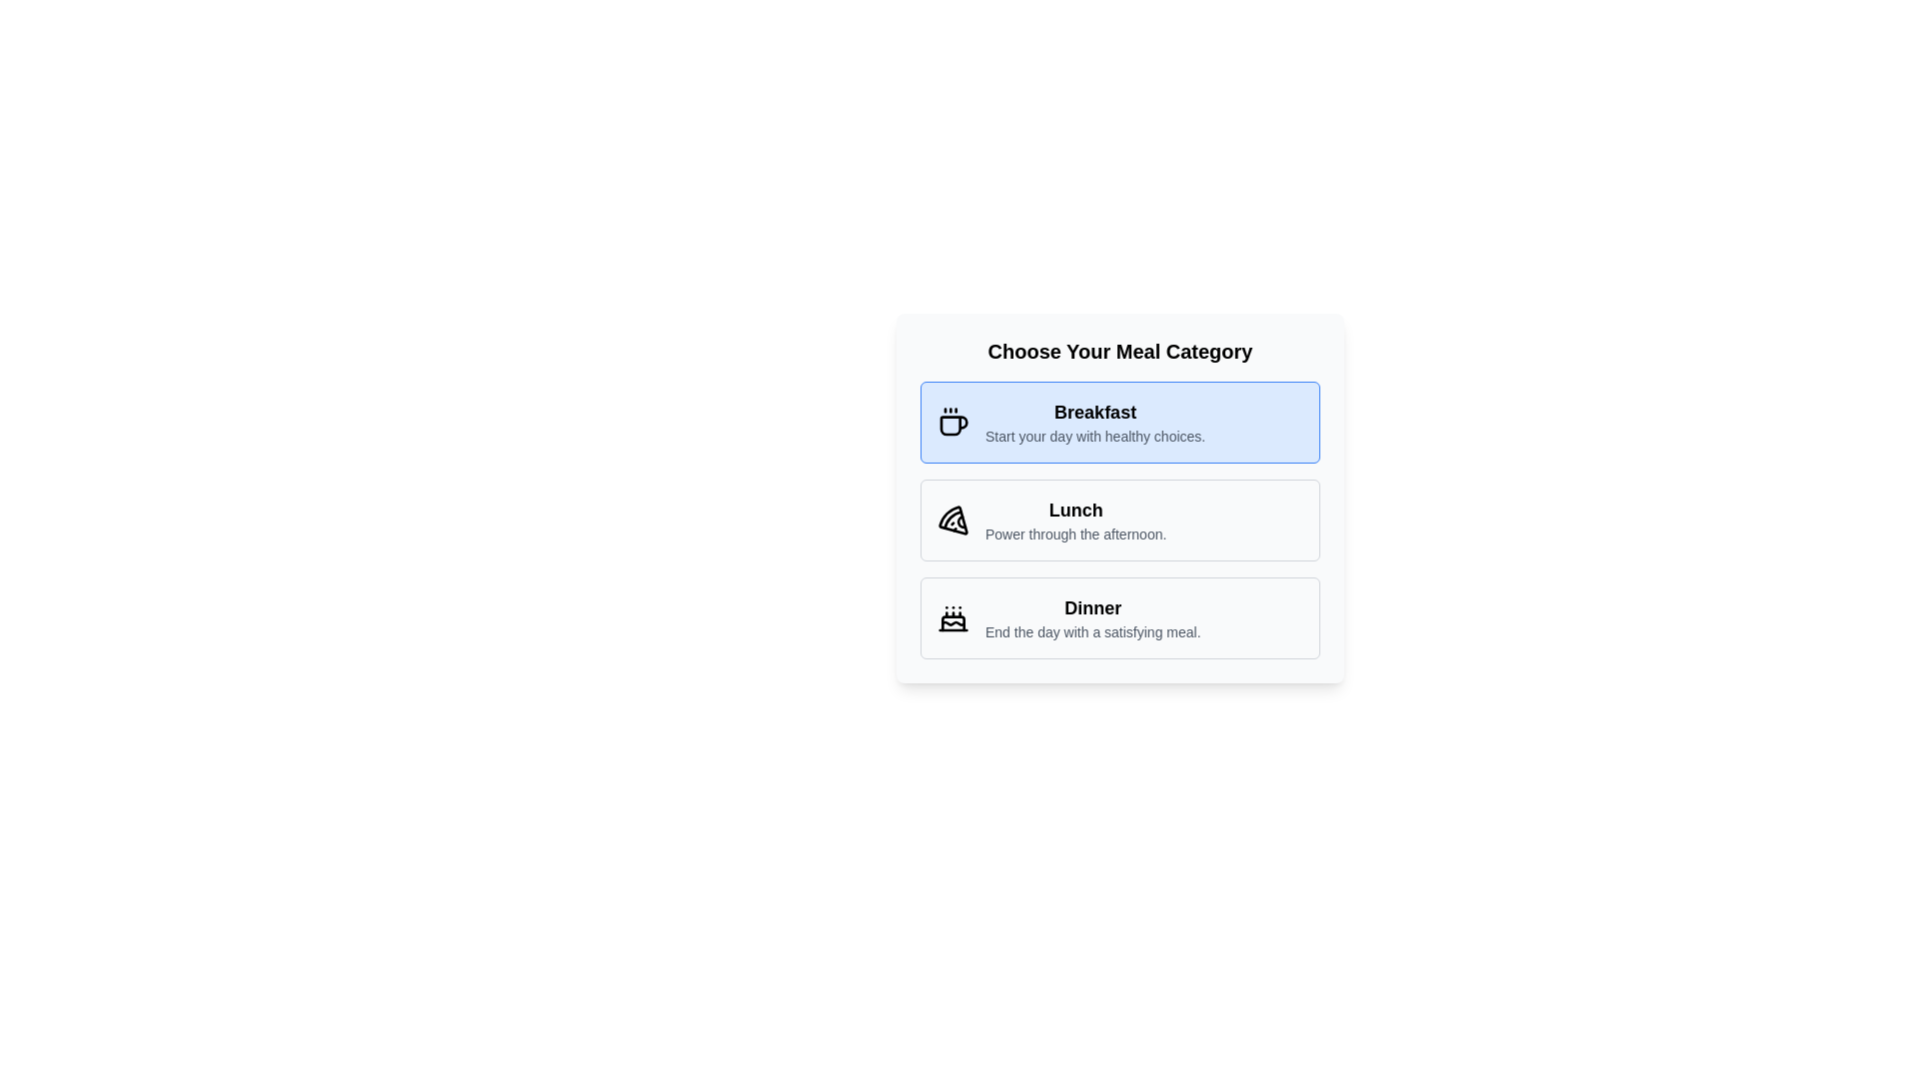 Image resolution: width=1919 pixels, height=1079 pixels. I want to click on text content of the 'Dinner' option in the meal category selection interface, located in the third card of a vertical stack, below the 'Lunch' card, so click(1091, 616).